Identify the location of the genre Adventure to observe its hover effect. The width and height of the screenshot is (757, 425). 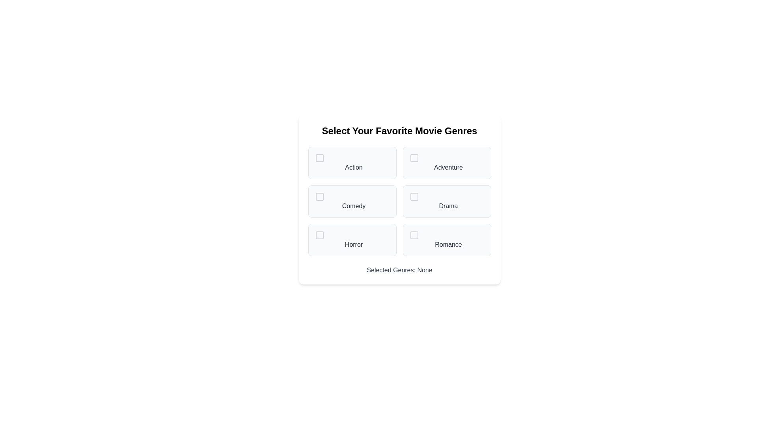
(447, 162).